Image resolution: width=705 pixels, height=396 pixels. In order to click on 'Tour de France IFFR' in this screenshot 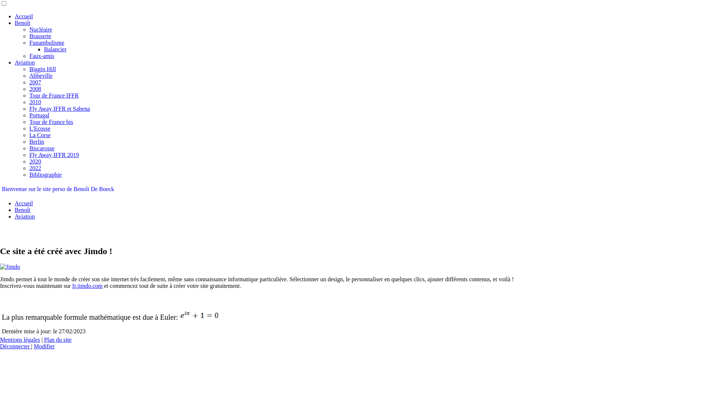, I will do `click(54, 95)`.